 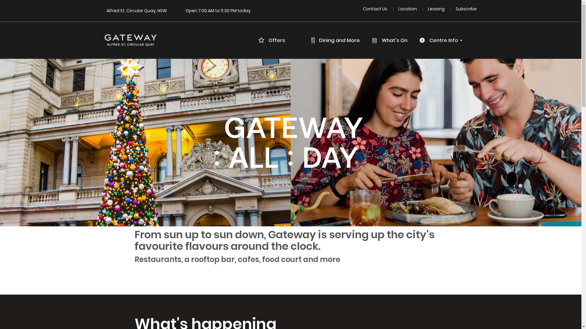 I want to click on 'Leasing', so click(x=427, y=9).